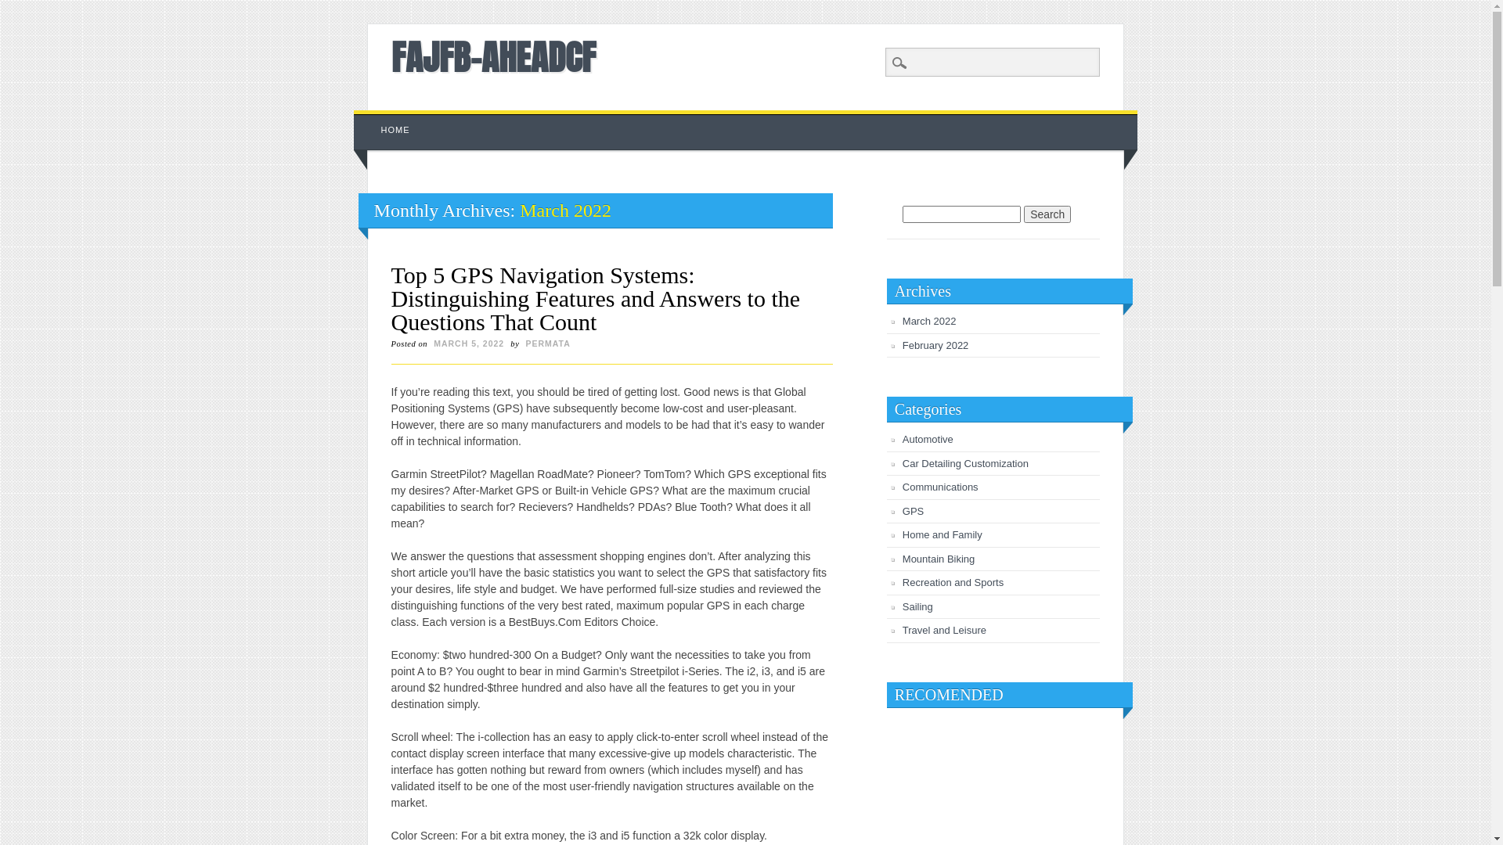 The width and height of the screenshot is (1503, 845). I want to click on 'Mountain Biking', so click(939, 558).